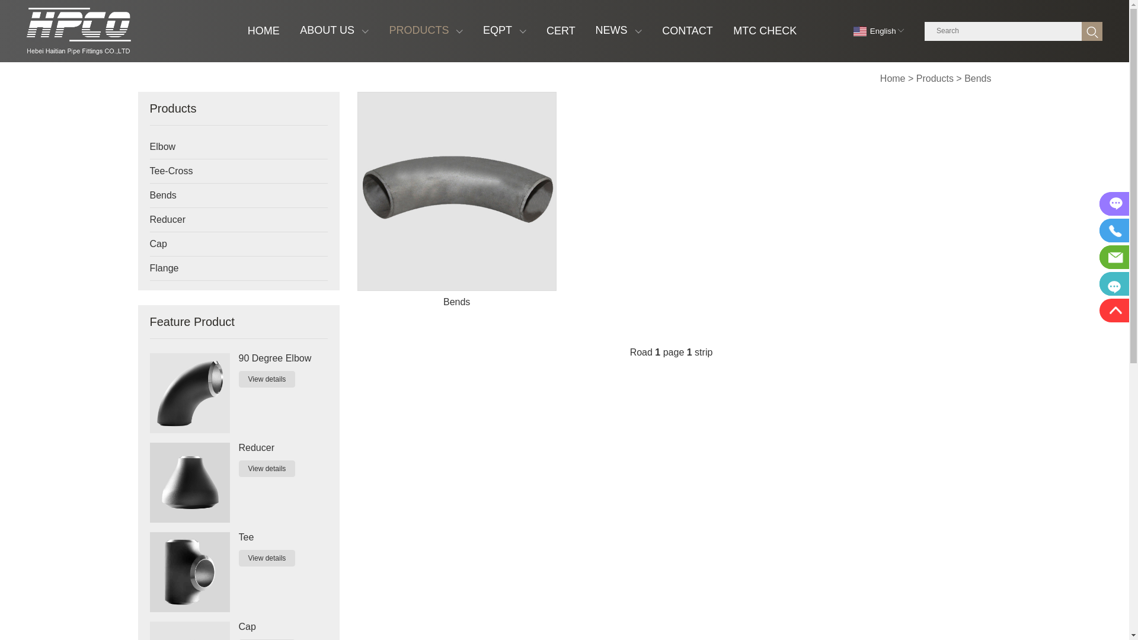 The width and height of the screenshot is (1138, 640). Describe the element at coordinates (227, 146) in the screenshot. I see `'Elbow'` at that location.